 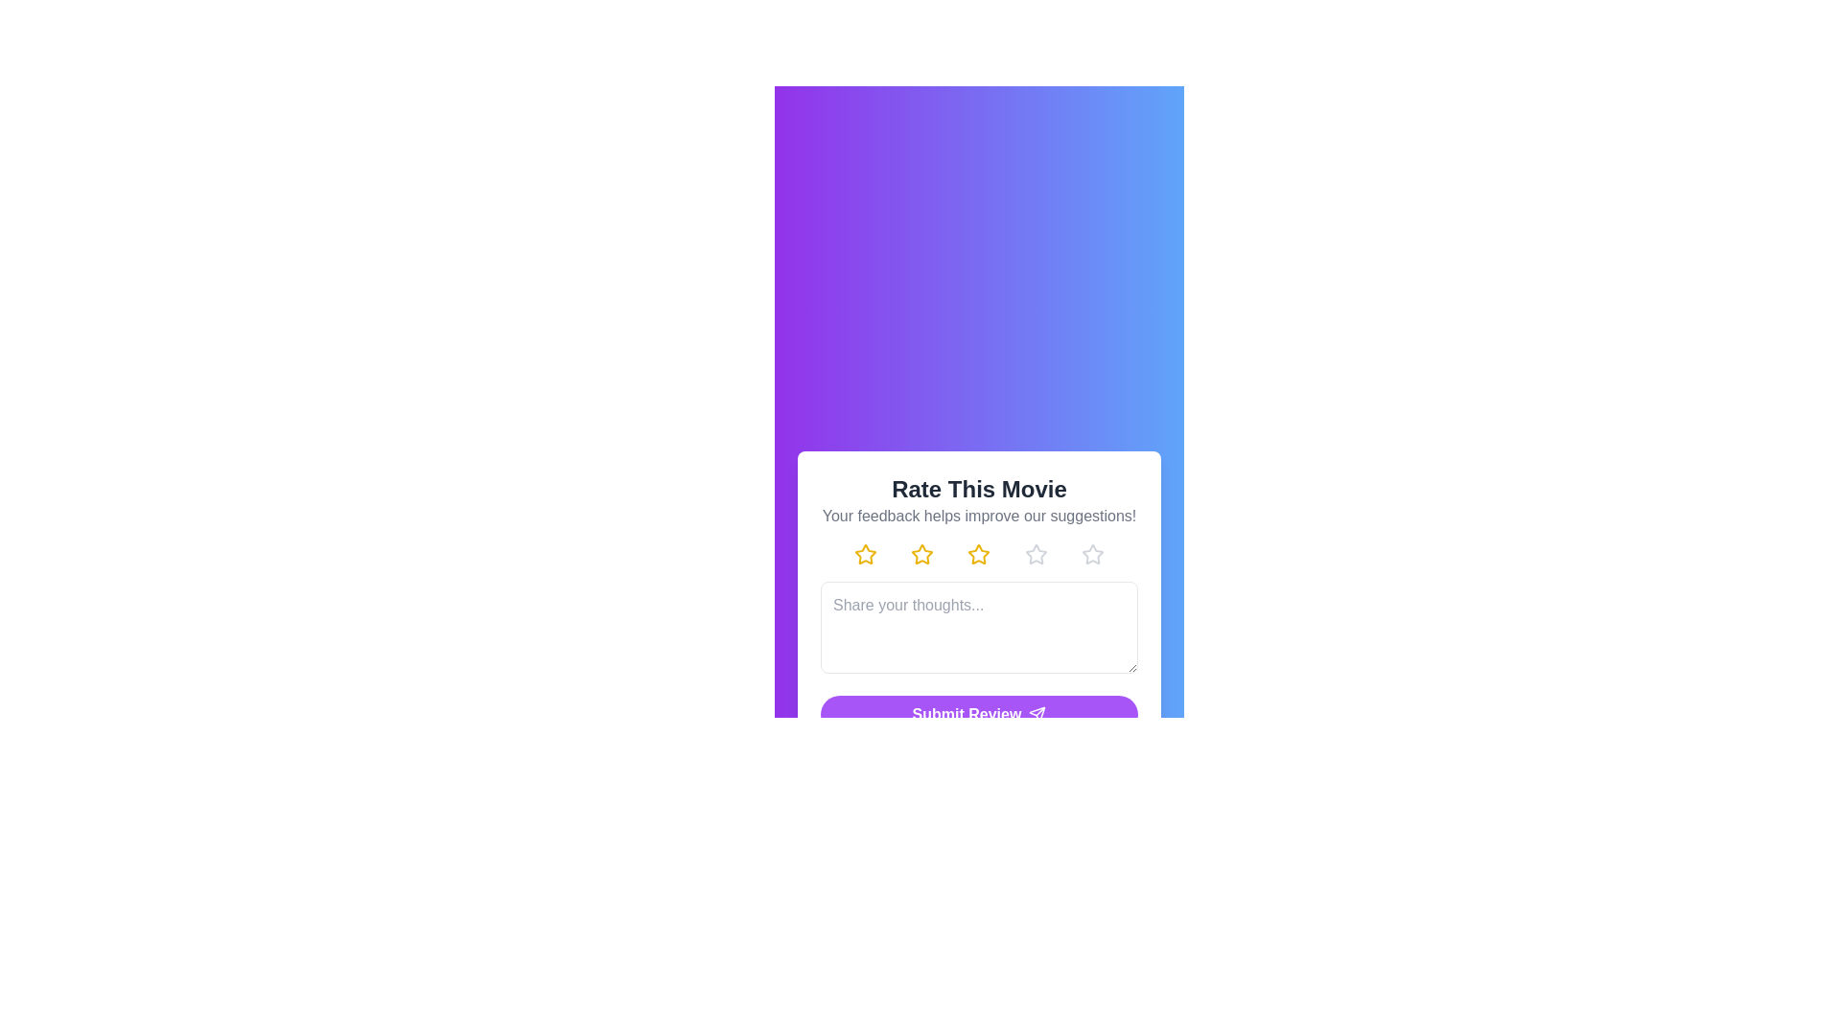 I want to click on the submission icon for the review located in the lower-center of the interface, which is visually represented by an SVG graphic accompanying the text 'Submit Review', so click(x=1037, y=714).